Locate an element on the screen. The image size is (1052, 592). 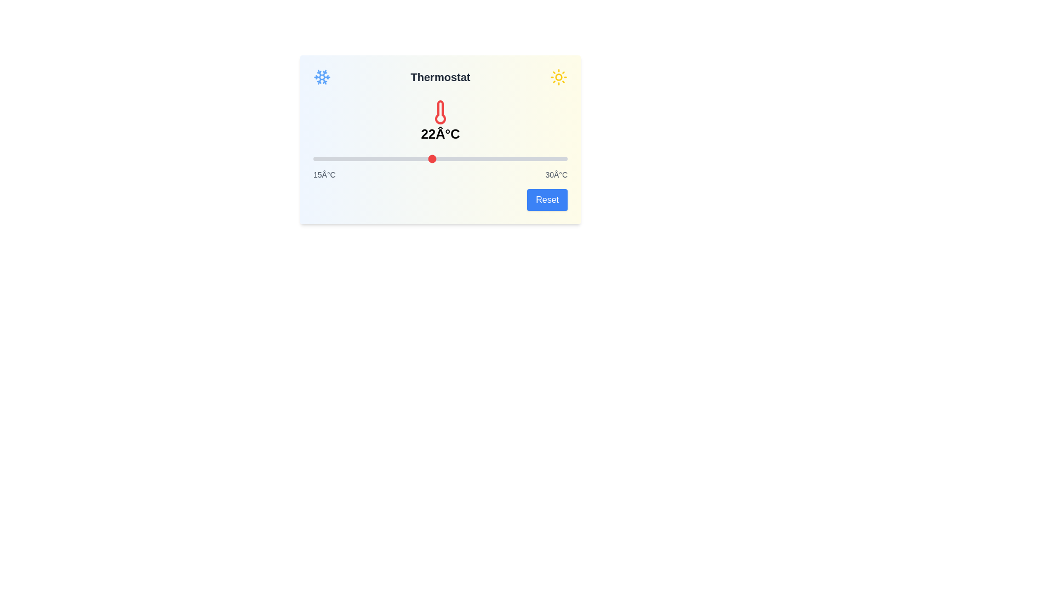
the slider to set the temperature to 18 degrees is located at coordinates (364, 158).